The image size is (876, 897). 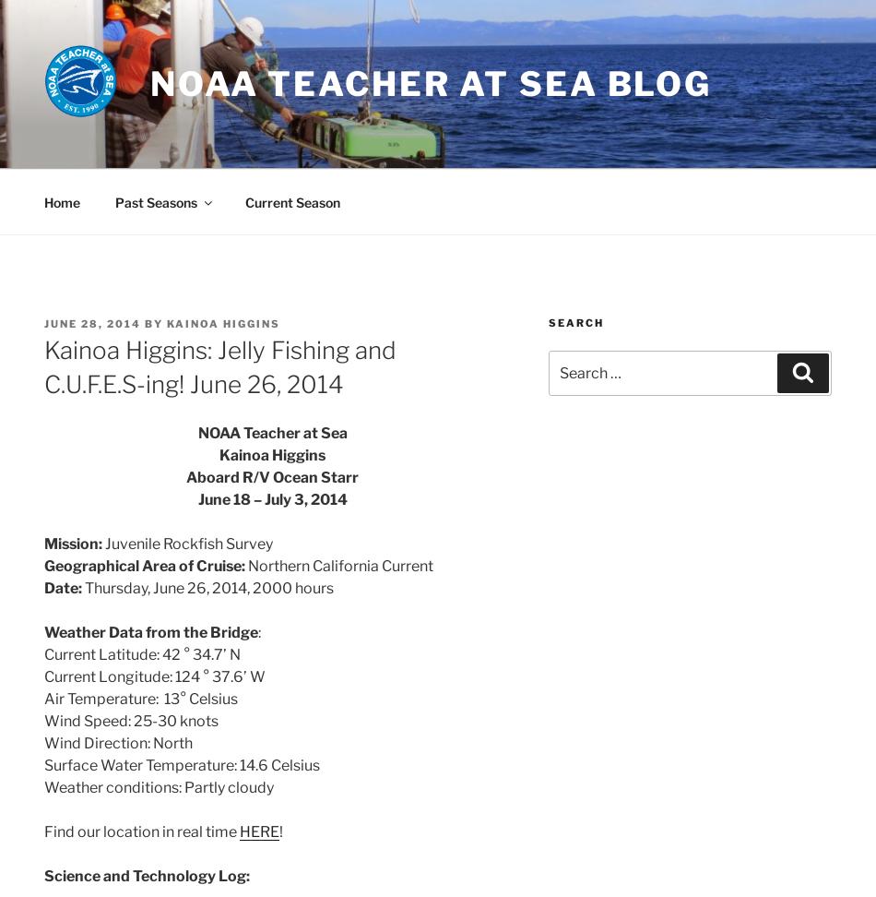 I want to click on 'Past Seasons', so click(x=155, y=200).